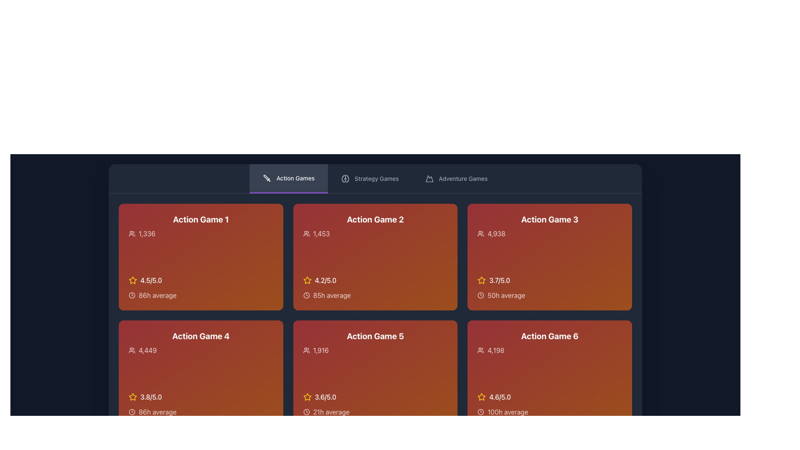  Describe the element at coordinates (306, 411) in the screenshot. I see `circular graphical component of the clock icon in the SVG representing 'Action Game 5' by opening the developer tools` at that location.